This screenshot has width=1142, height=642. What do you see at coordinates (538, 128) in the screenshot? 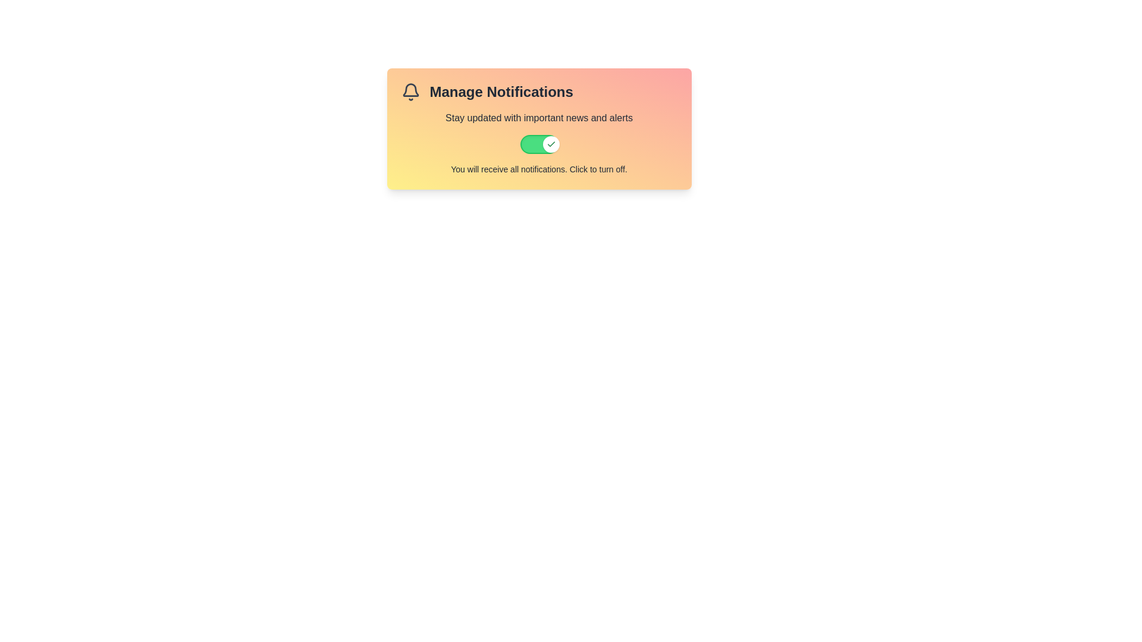
I see `the toggle switch with a green background and a white circular handle containing a checkmark symbol to switch its state, located centrally below the 'Manage Notifications' headline` at bounding box center [538, 128].